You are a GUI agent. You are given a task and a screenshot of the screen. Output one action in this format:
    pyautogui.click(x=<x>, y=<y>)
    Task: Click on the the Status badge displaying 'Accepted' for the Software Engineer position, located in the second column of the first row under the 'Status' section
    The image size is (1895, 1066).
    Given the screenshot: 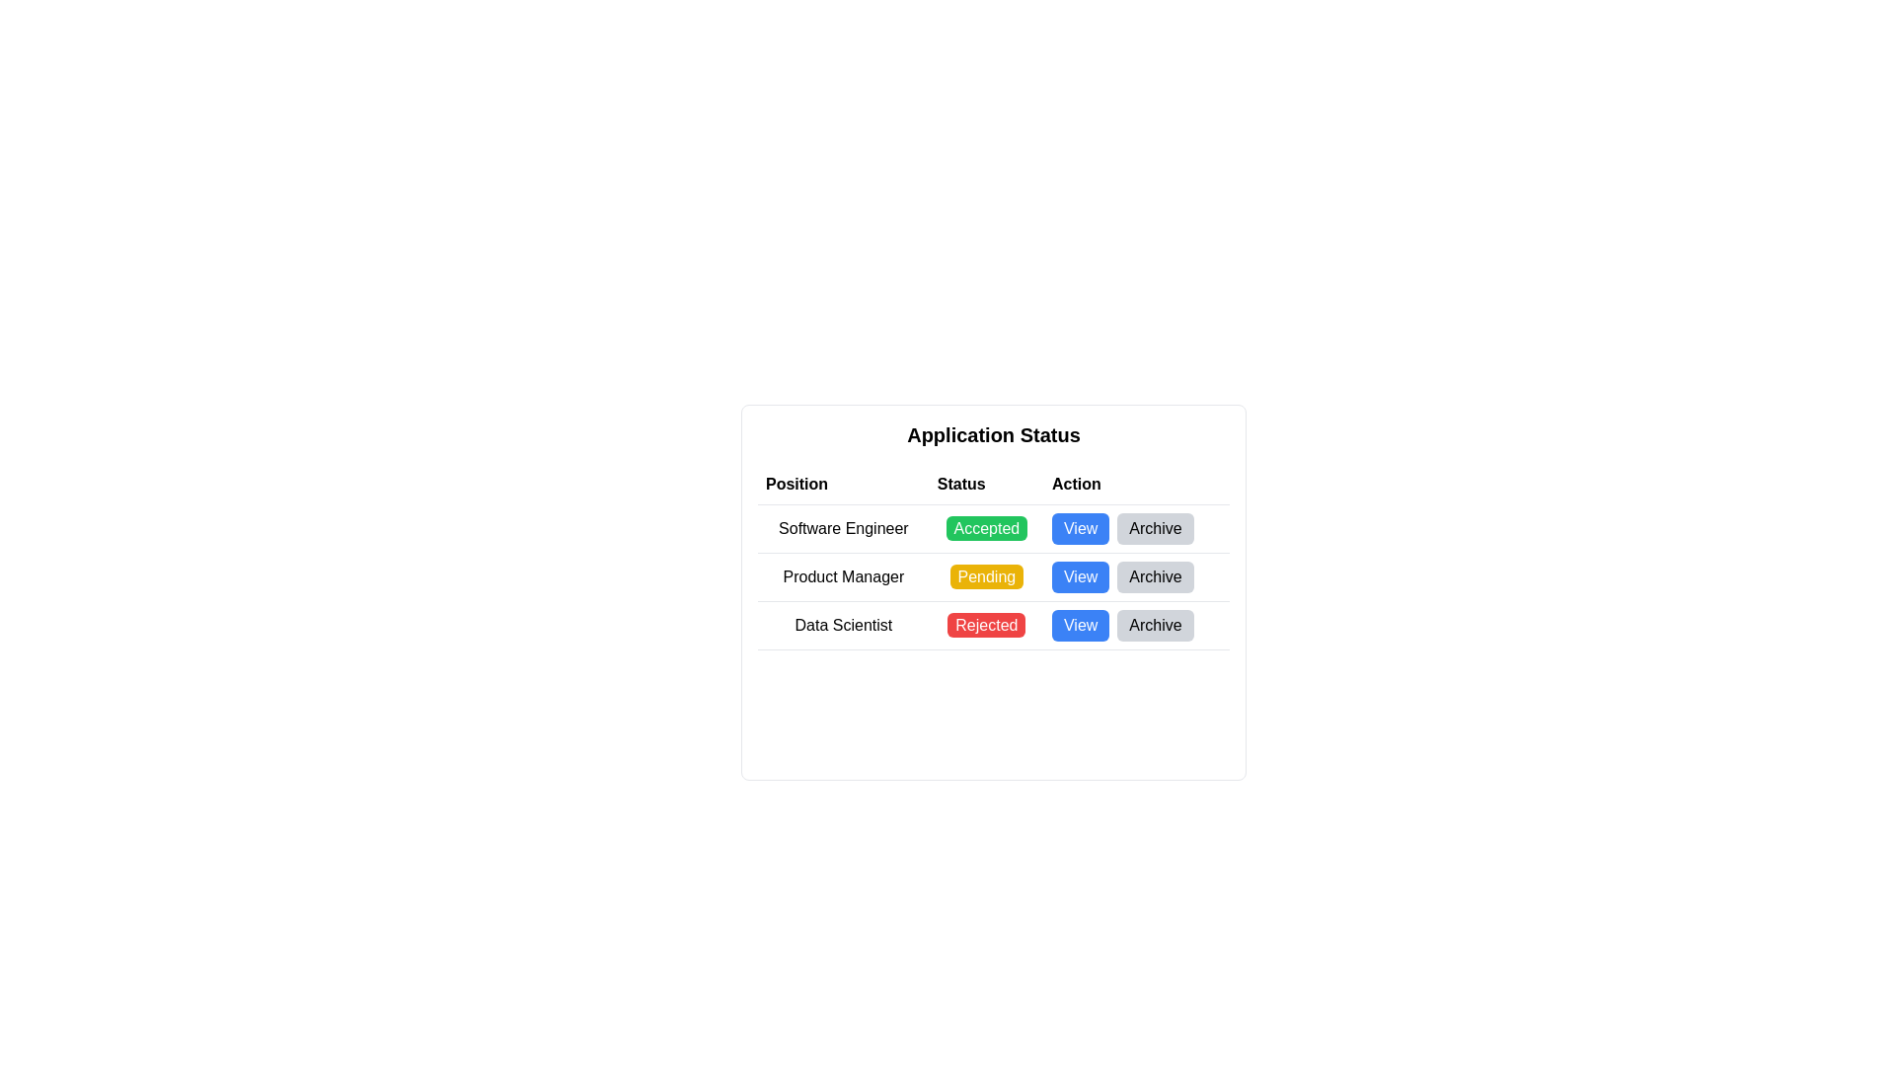 What is the action you would take?
    pyautogui.click(x=986, y=528)
    